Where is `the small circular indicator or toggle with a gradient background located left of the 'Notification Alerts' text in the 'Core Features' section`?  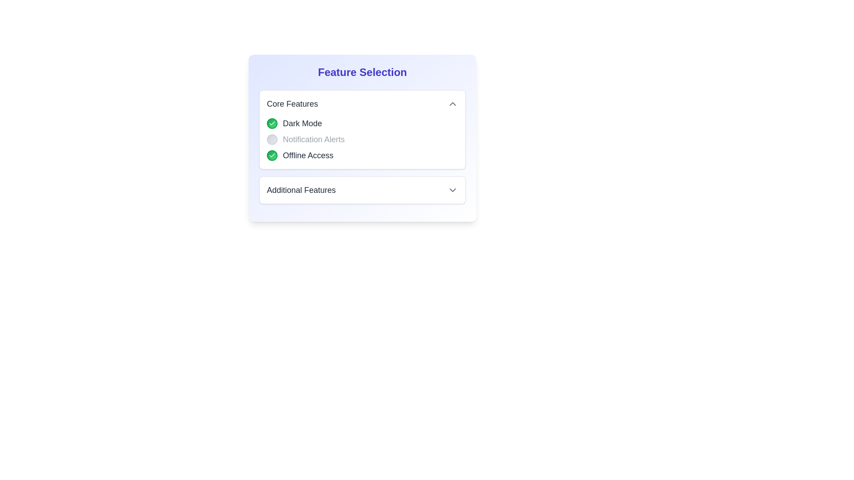 the small circular indicator or toggle with a gradient background located left of the 'Notification Alerts' text in the 'Core Features' section is located at coordinates (271, 139).